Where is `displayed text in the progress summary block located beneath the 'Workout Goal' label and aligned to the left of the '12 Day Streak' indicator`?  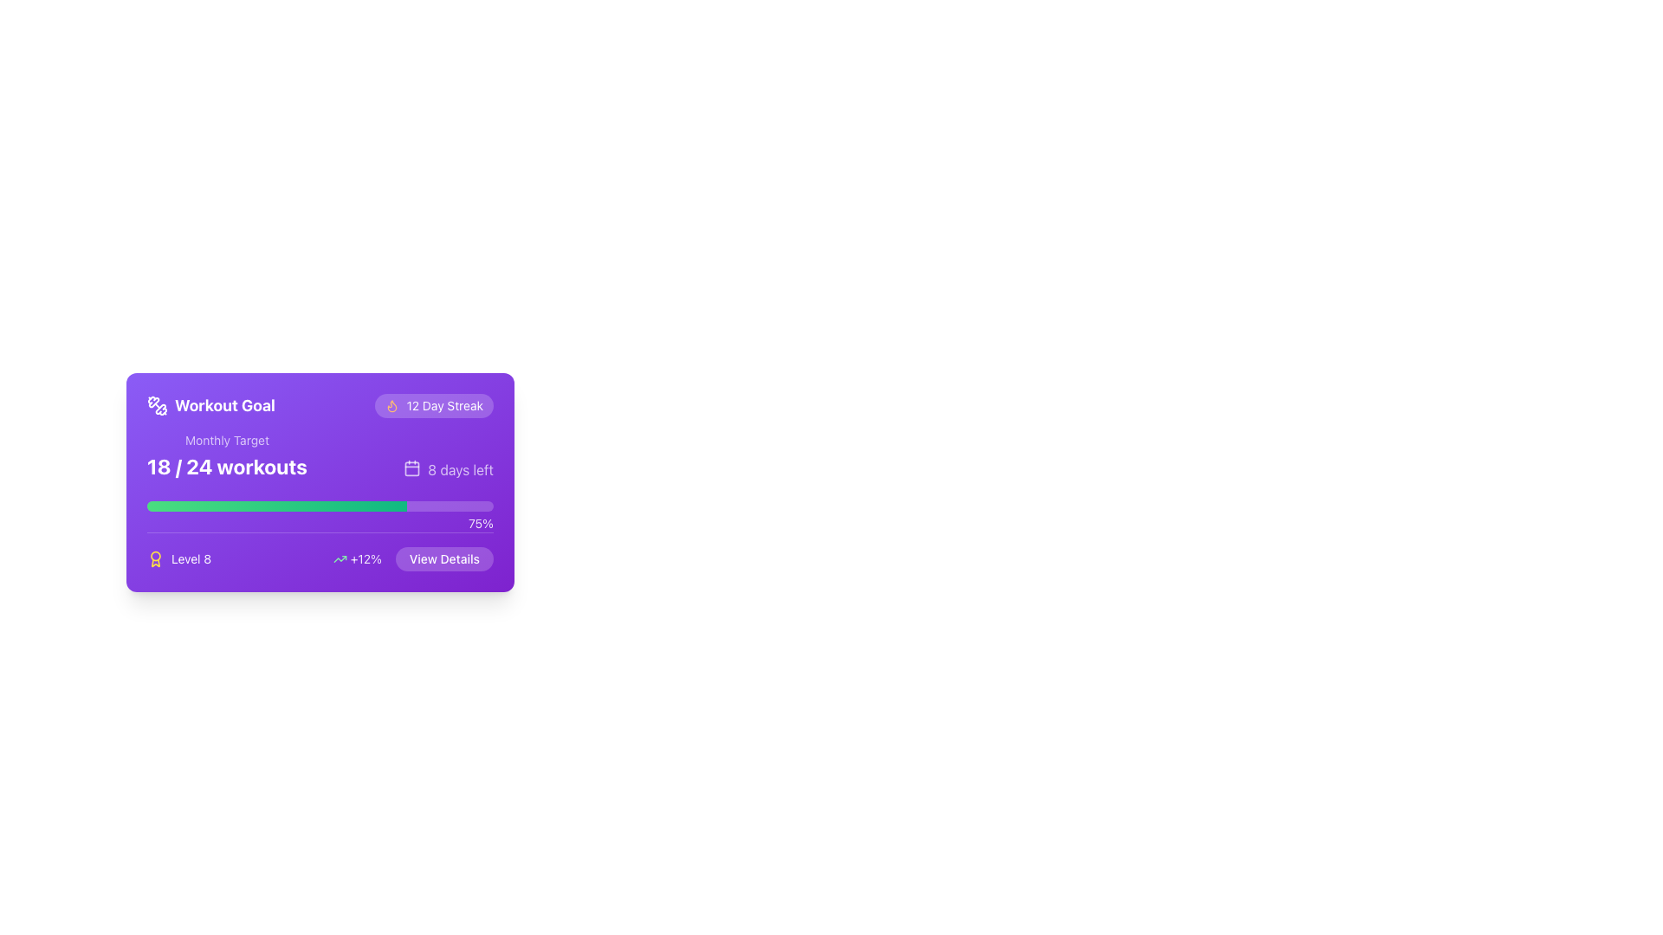 displayed text in the progress summary block located beneath the 'Workout Goal' label and aligned to the left of the '12 Day Streak' indicator is located at coordinates (226, 455).